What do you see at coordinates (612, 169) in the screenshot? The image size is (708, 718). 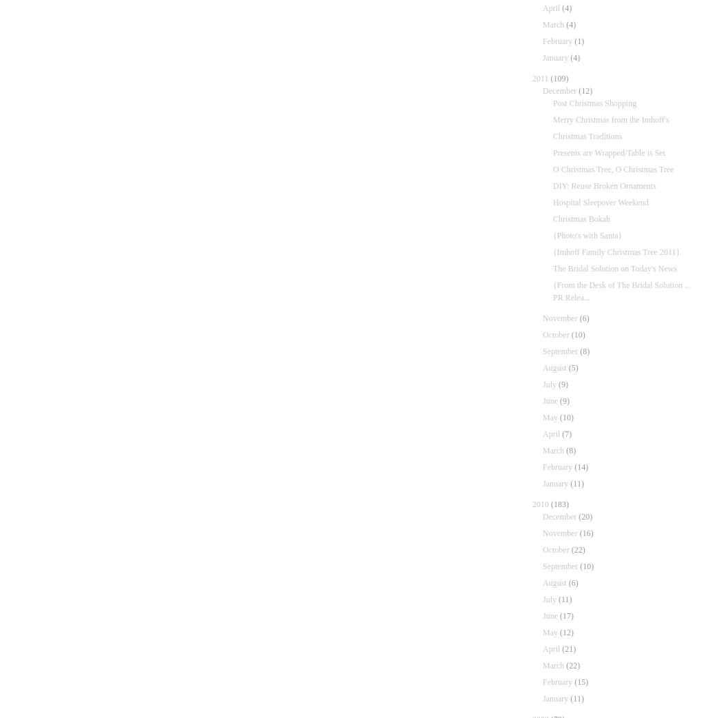 I see `'O Christmas Tree, O Christmas Tree'` at bounding box center [612, 169].